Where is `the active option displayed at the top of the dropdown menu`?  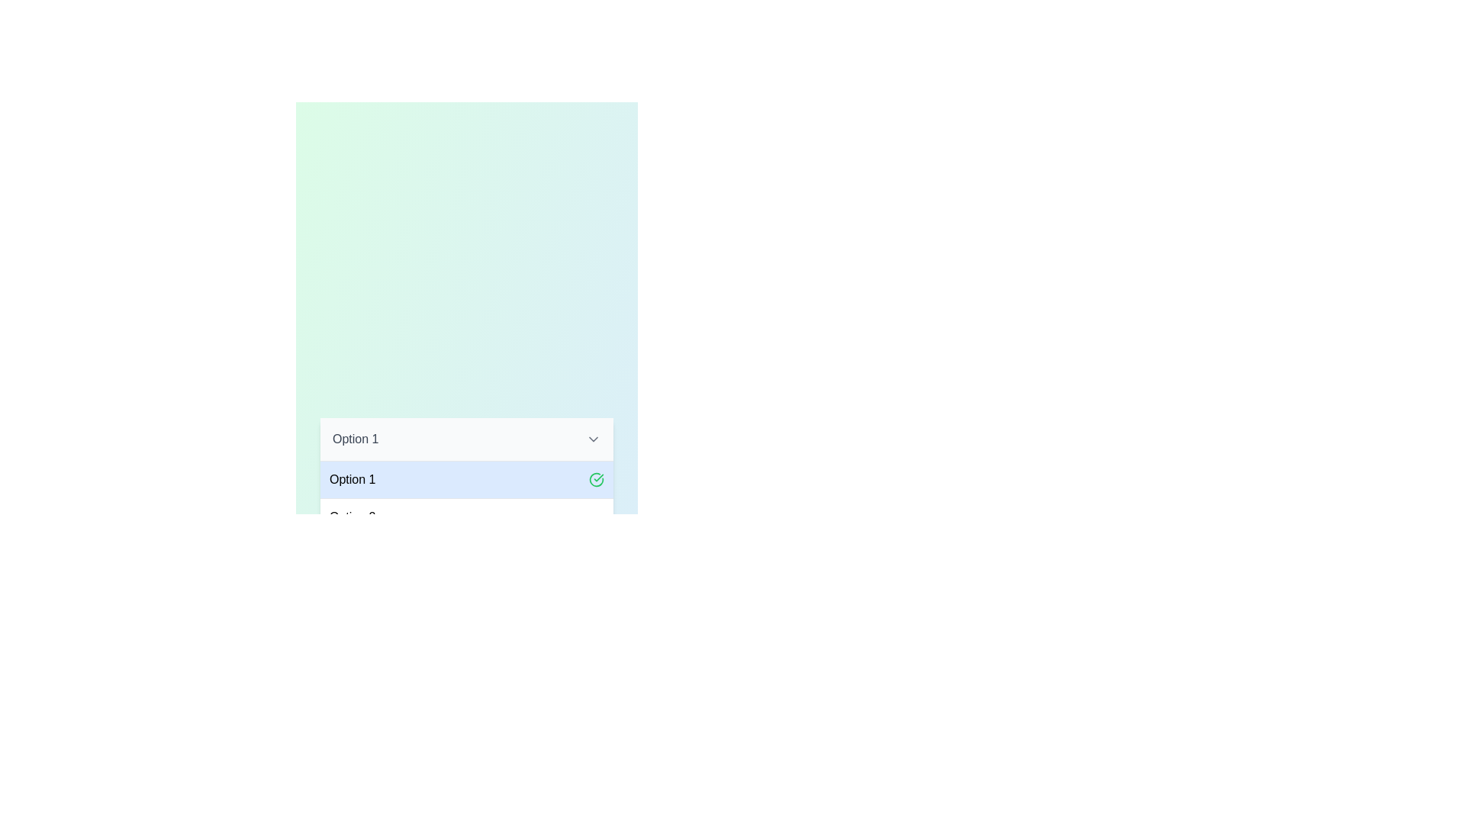
the active option displayed at the top of the dropdown menu is located at coordinates (465, 439).